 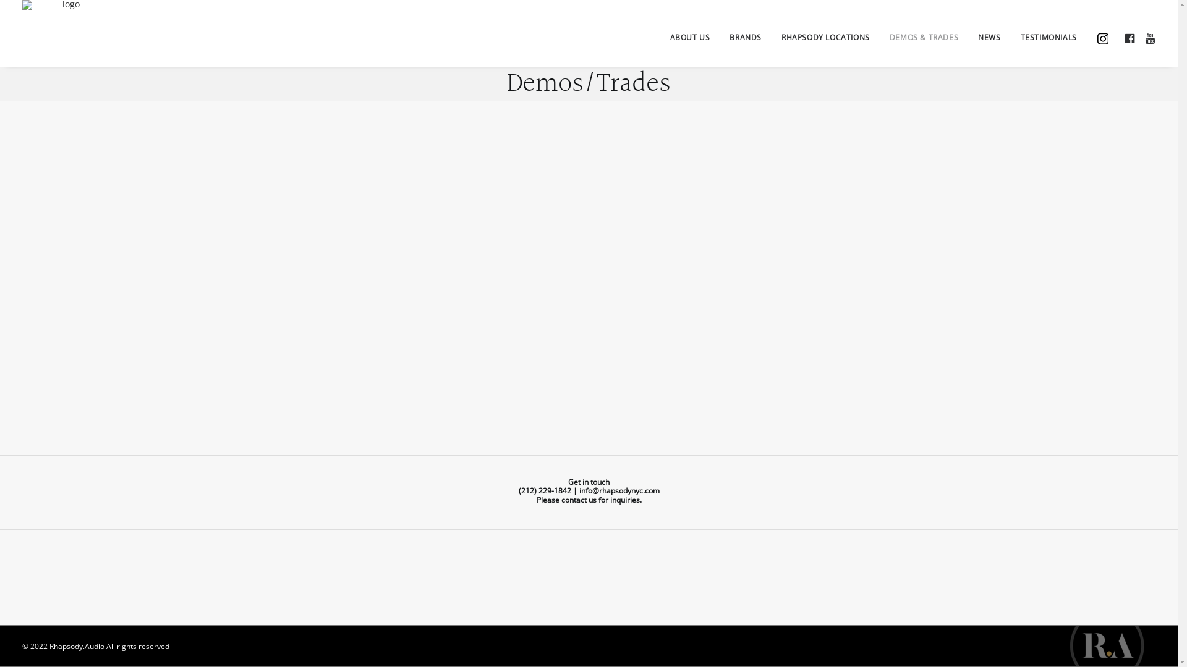 What do you see at coordinates (1048, 35) in the screenshot?
I see `'TESTIMONIALS'` at bounding box center [1048, 35].